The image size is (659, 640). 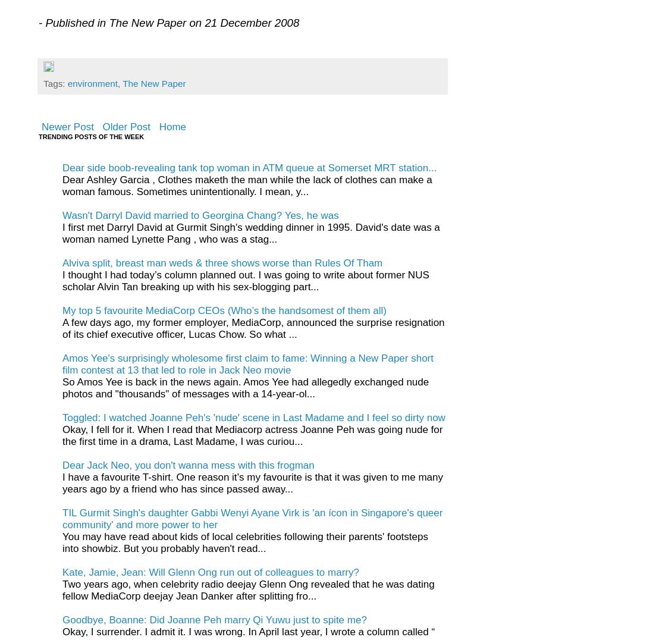 What do you see at coordinates (168, 21) in the screenshot?
I see `'- Published in The New Paper on 21 December 2008'` at bounding box center [168, 21].